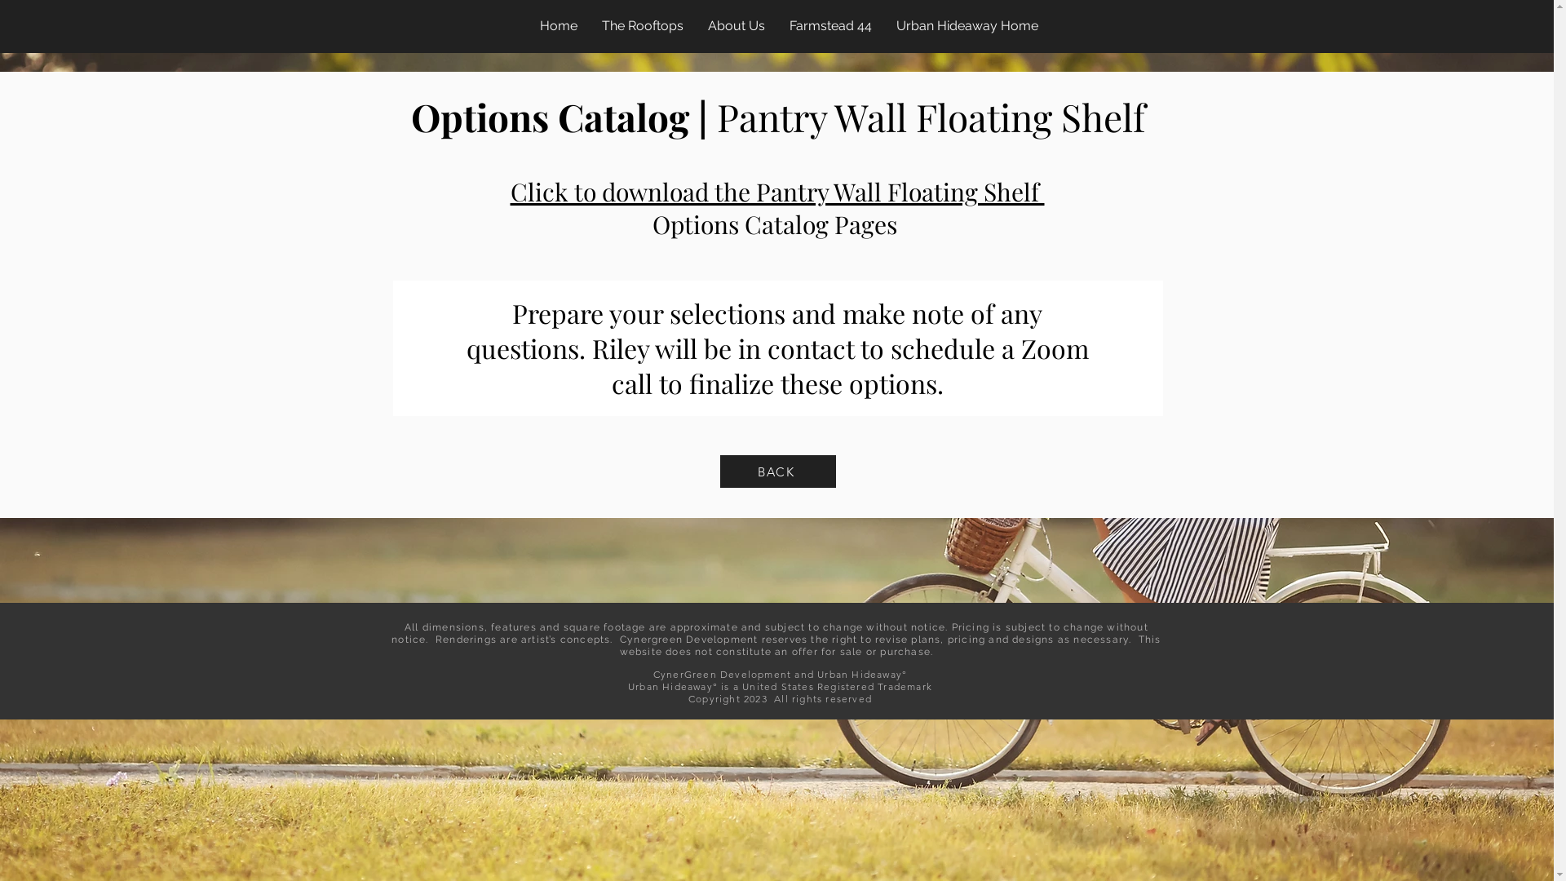  What do you see at coordinates (967, 25) in the screenshot?
I see `'Urban Hideaway Home'` at bounding box center [967, 25].